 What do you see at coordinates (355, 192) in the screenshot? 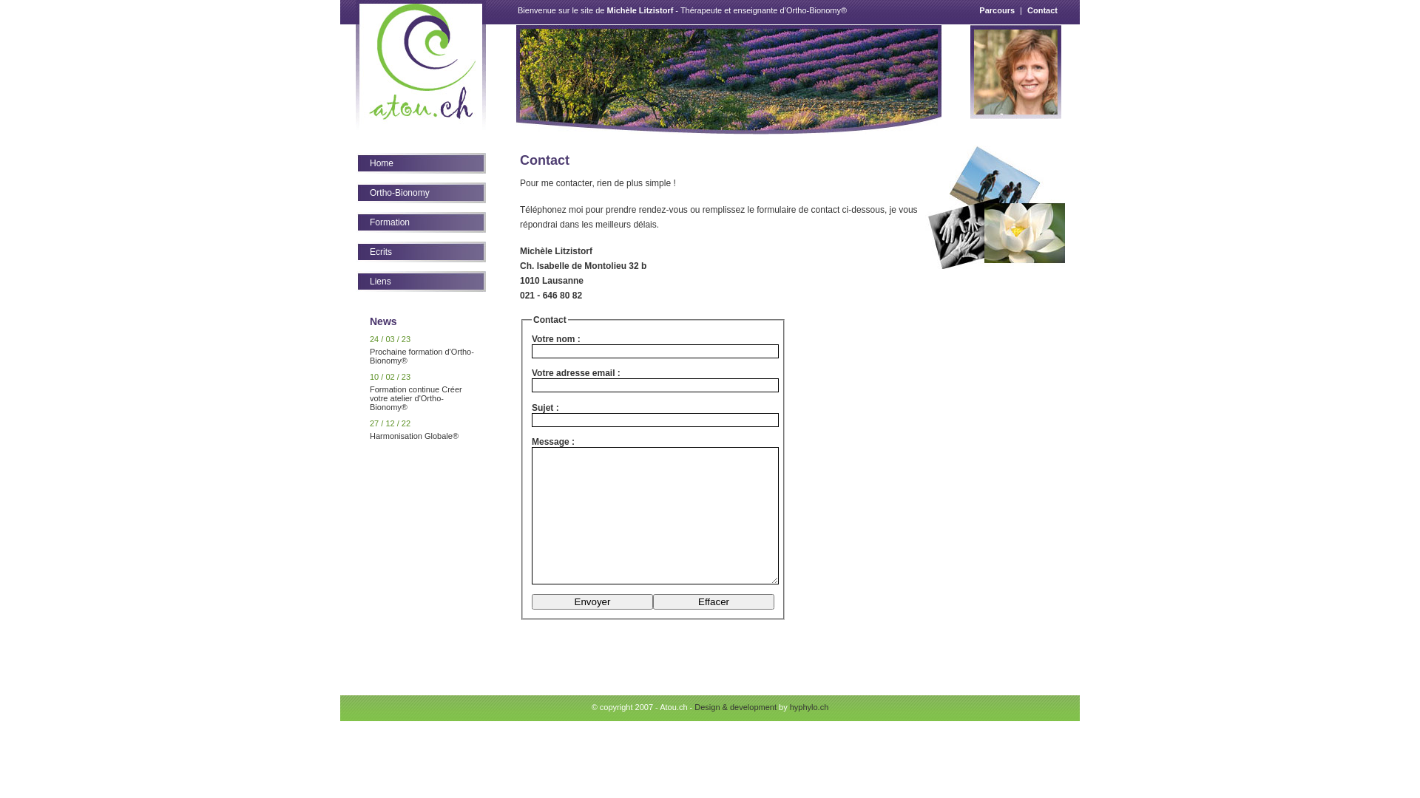
I see `'Ortho-Bionomy'` at bounding box center [355, 192].